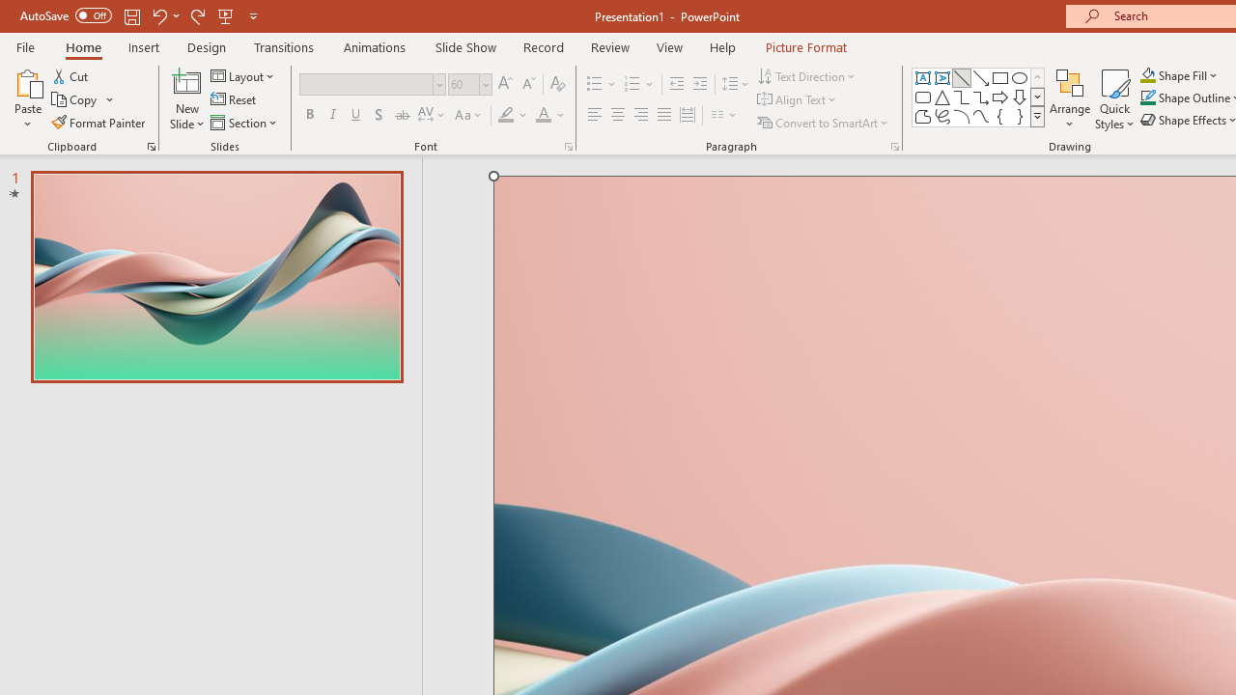 The height and width of the screenshot is (695, 1236). Describe the element at coordinates (806, 46) in the screenshot. I see `'Picture Format'` at that location.